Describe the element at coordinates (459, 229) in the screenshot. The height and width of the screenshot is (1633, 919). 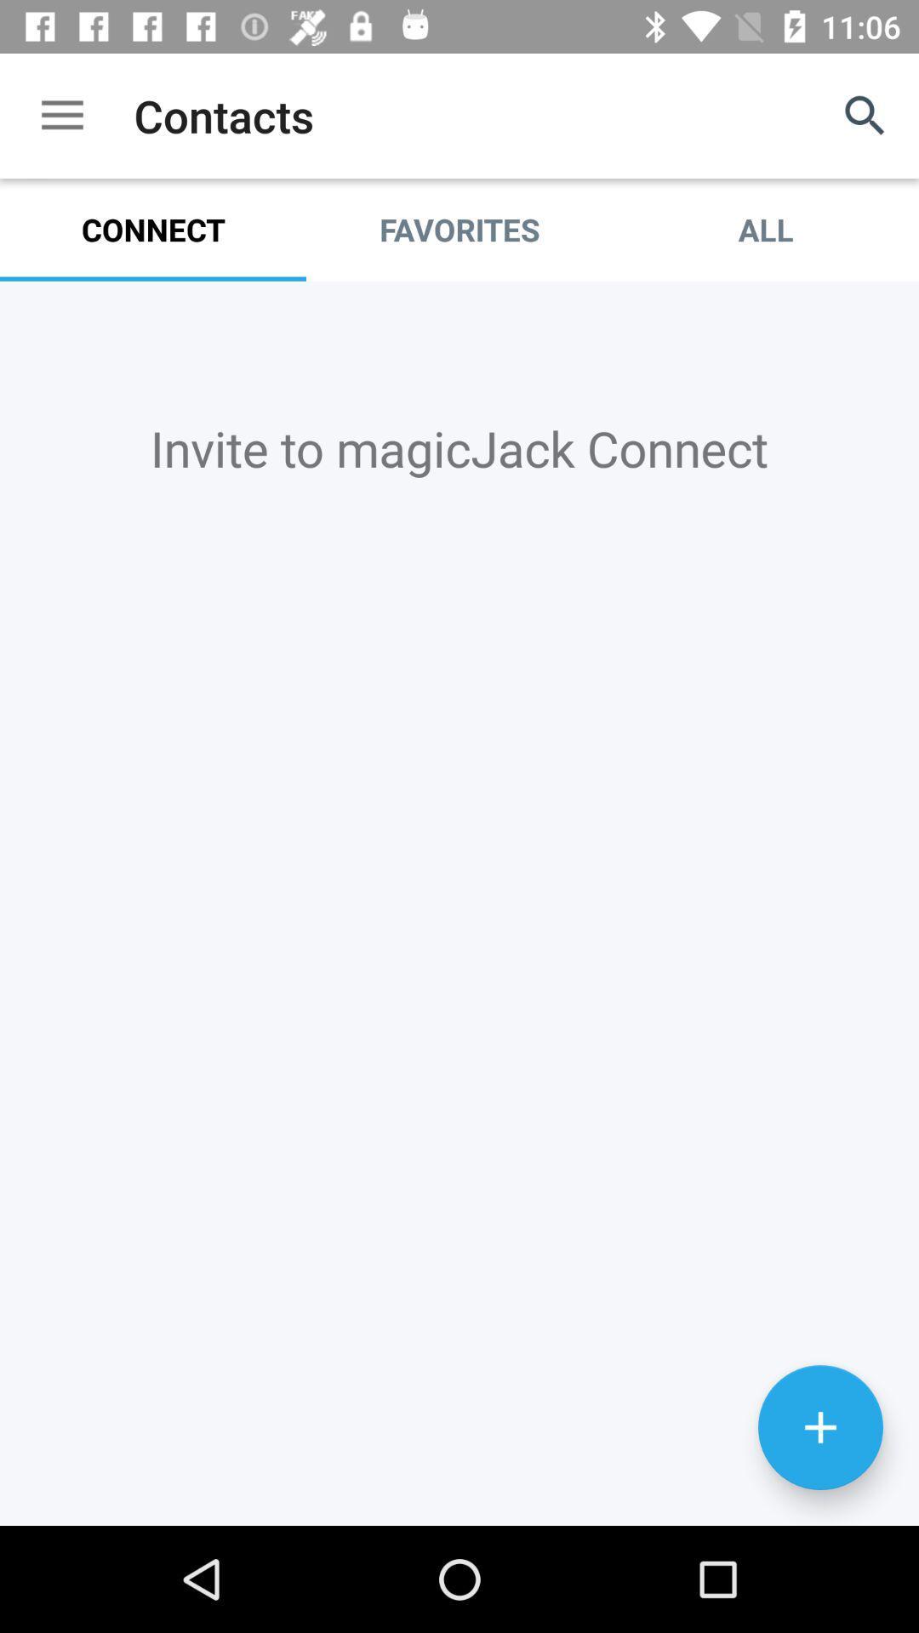
I see `icon to the left of the all item` at that location.